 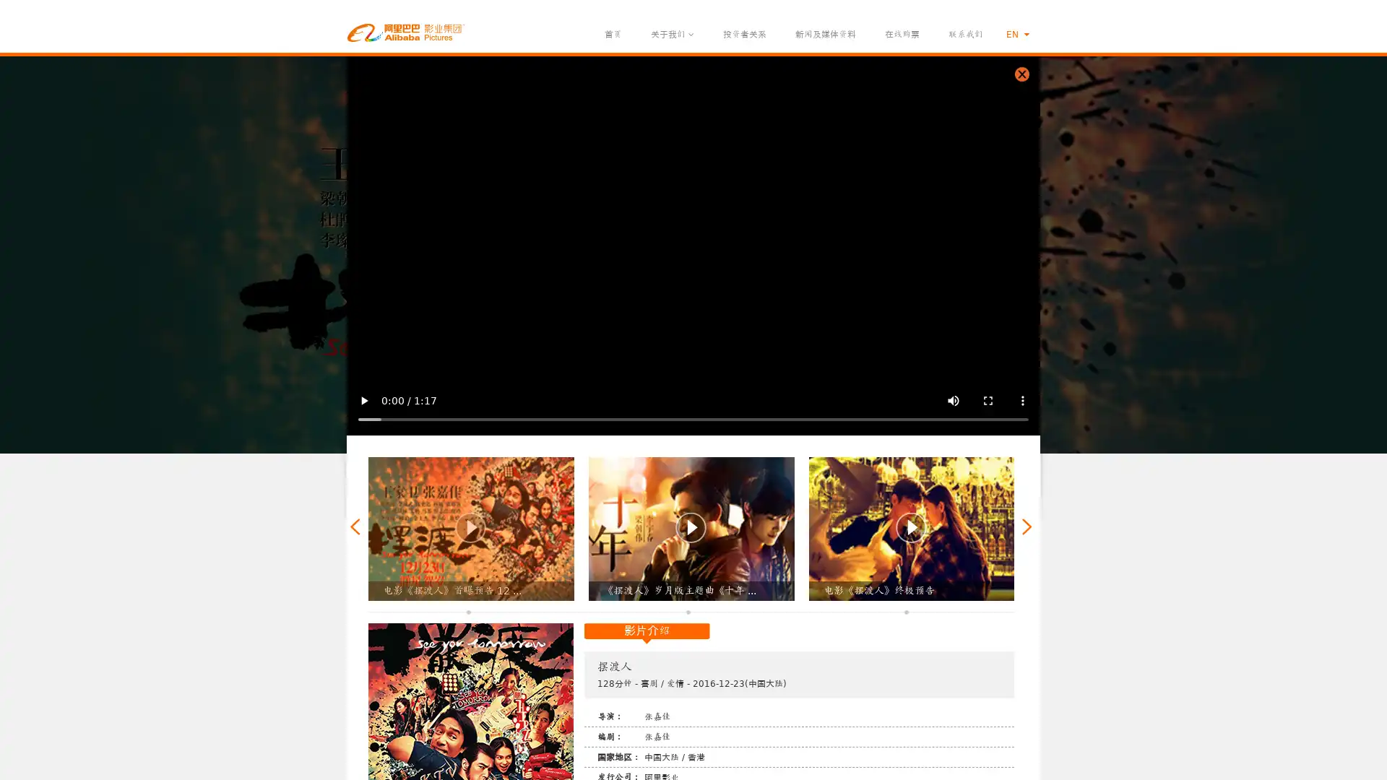 I want to click on play, so click(x=364, y=401).